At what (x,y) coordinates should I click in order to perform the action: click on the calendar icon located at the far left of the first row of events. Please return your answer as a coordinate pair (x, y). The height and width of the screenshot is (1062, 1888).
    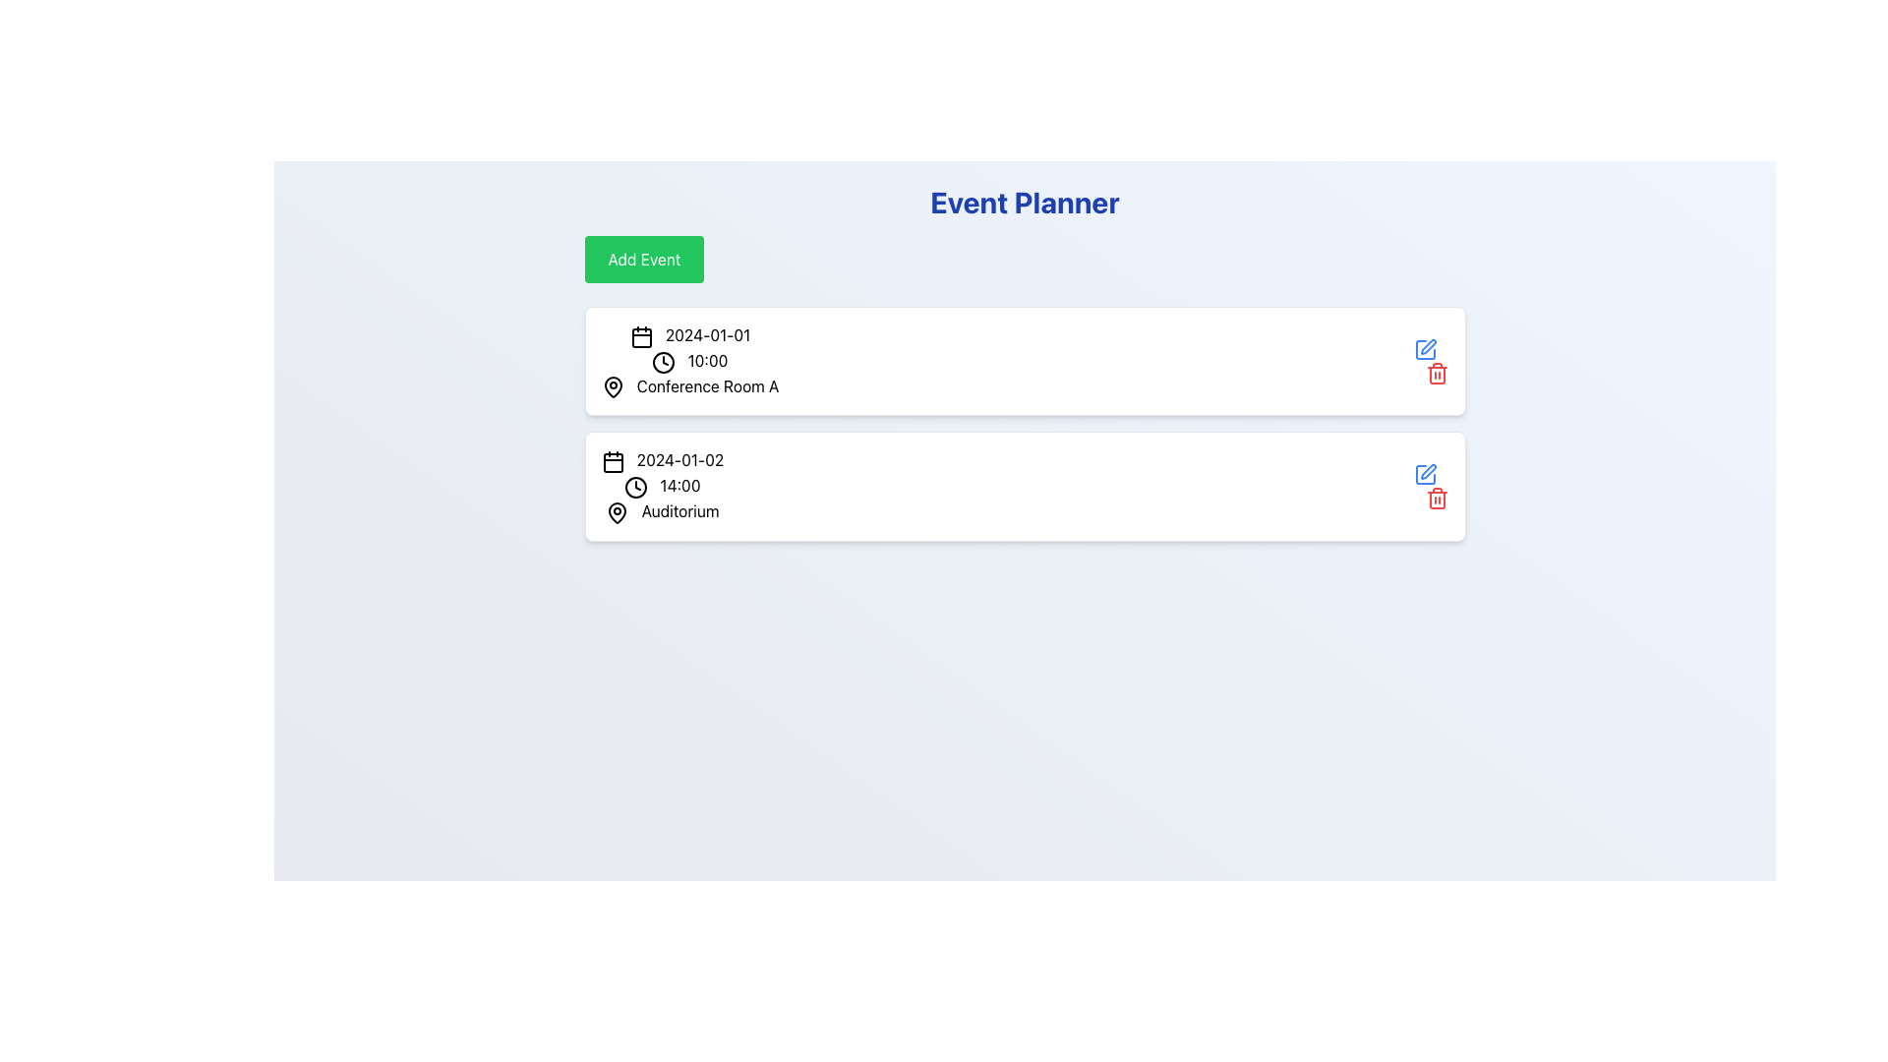
    Looking at the image, I should click on (641, 335).